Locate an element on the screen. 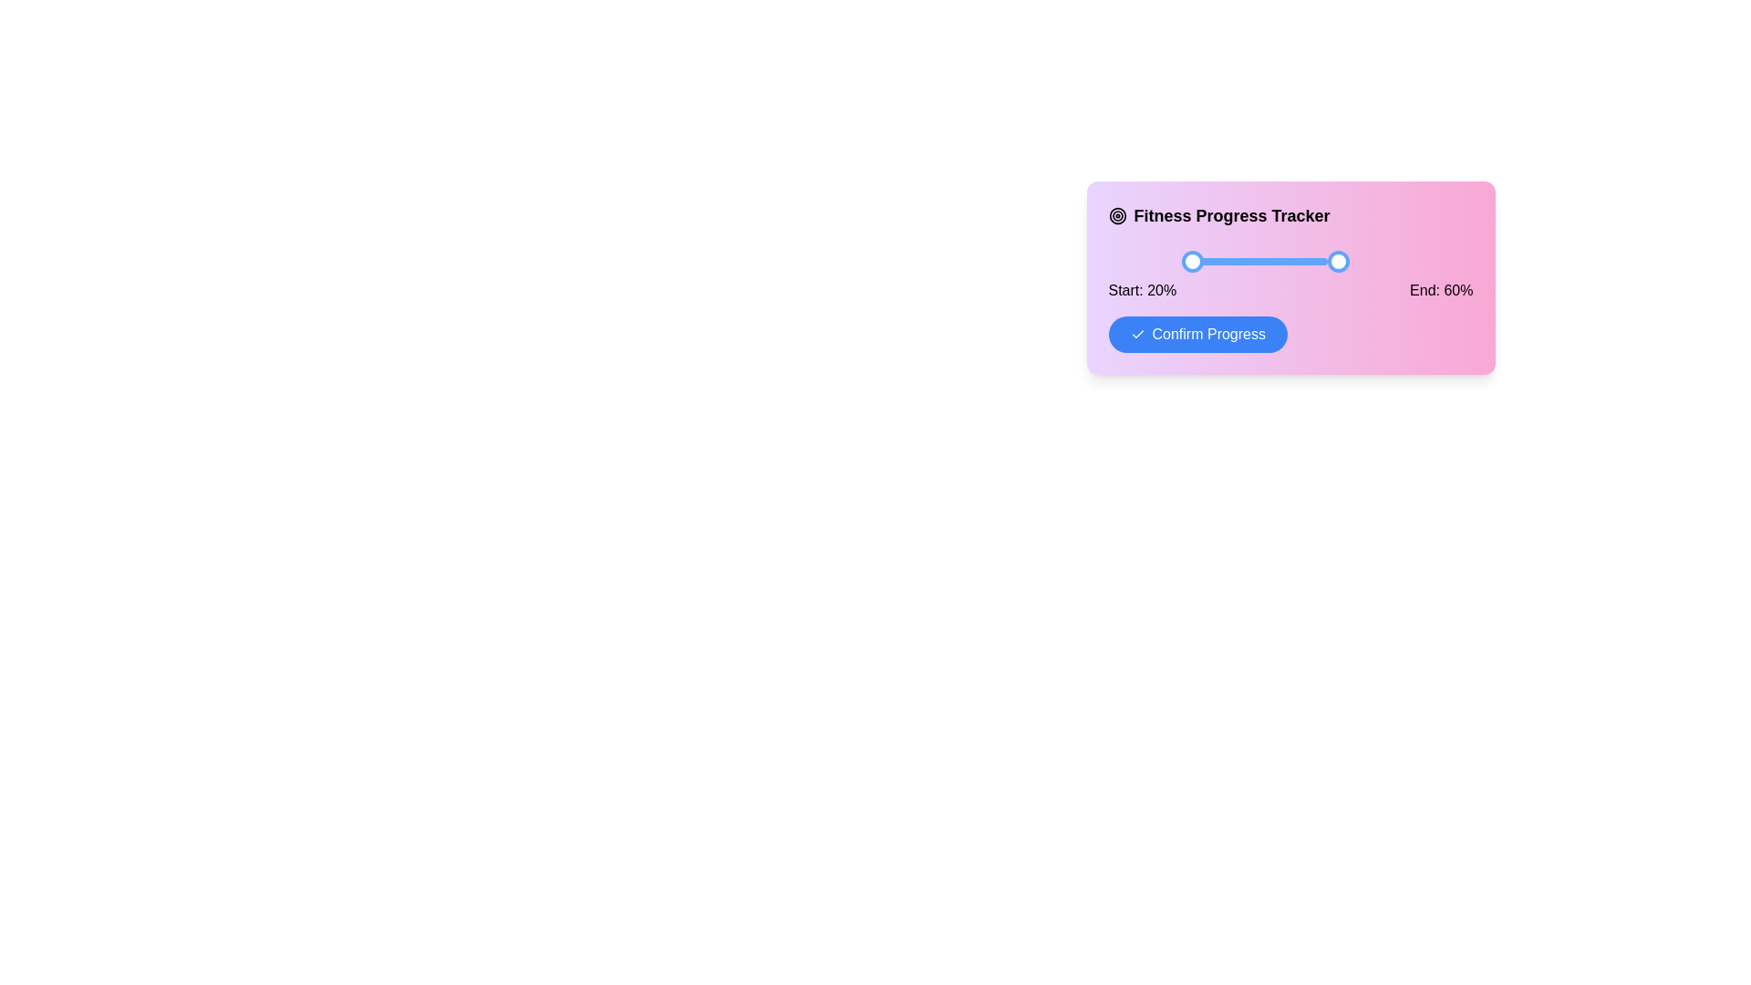  the middle circle of the concentric circle design within the 'Fitness Progress Tracker' card is located at coordinates (1116, 214).